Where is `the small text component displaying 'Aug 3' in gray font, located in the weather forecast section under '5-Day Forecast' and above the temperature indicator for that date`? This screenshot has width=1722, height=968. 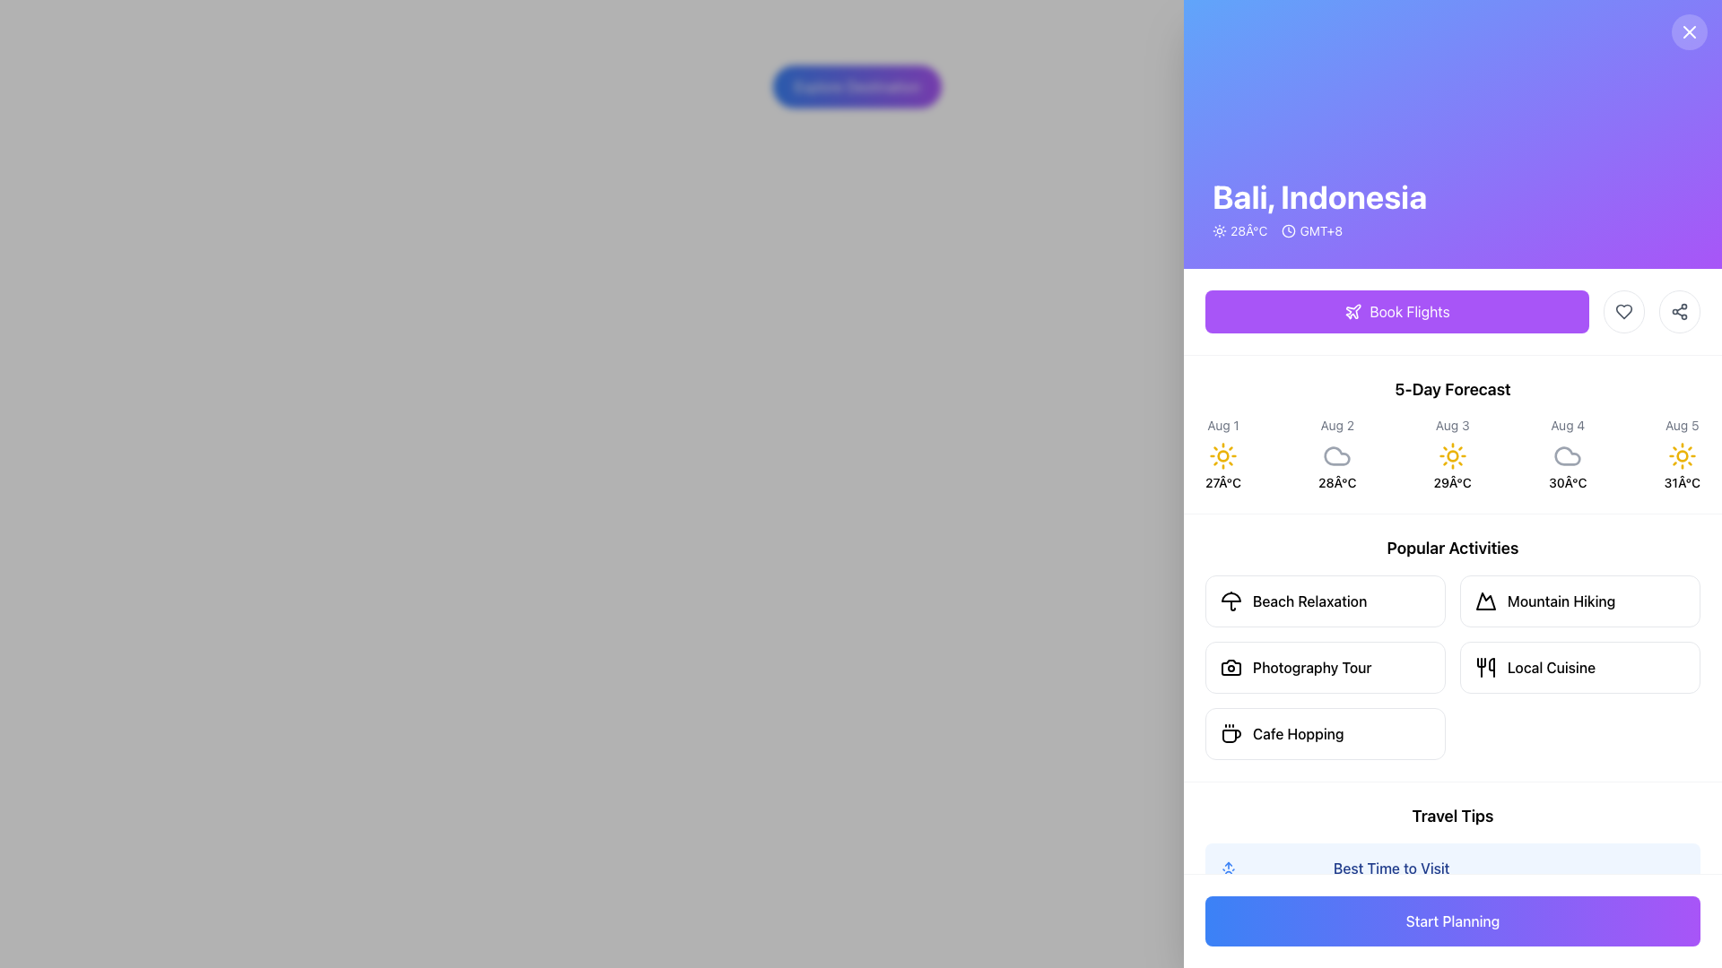
the small text component displaying 'Aug 3' in gray font, located in the weather forecast section under '5-Day Forecast' and above the temperature indicator for that date is located at coordinates (1452, 425).